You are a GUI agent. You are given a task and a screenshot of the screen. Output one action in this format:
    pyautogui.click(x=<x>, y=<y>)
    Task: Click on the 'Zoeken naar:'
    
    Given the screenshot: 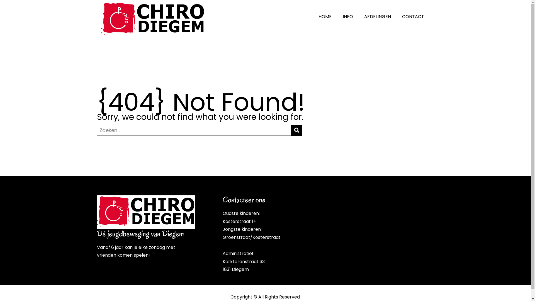 What is the action you would take?
    pyautogui.click(x=194, y=130)
    